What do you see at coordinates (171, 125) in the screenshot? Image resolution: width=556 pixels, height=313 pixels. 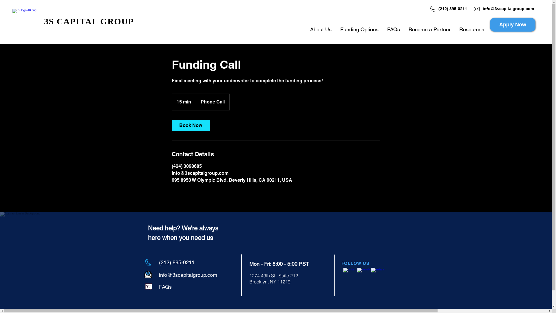 I see `'Book Now'` at bounding box center [171, 125].